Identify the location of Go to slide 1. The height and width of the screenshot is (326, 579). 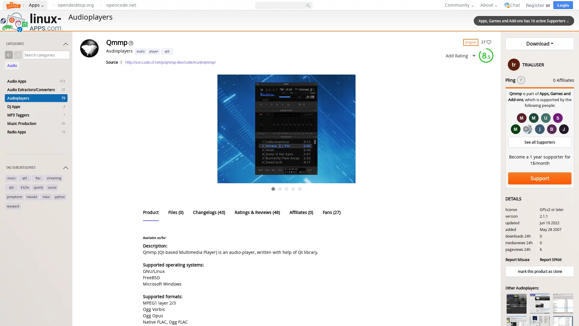
(273, 188).